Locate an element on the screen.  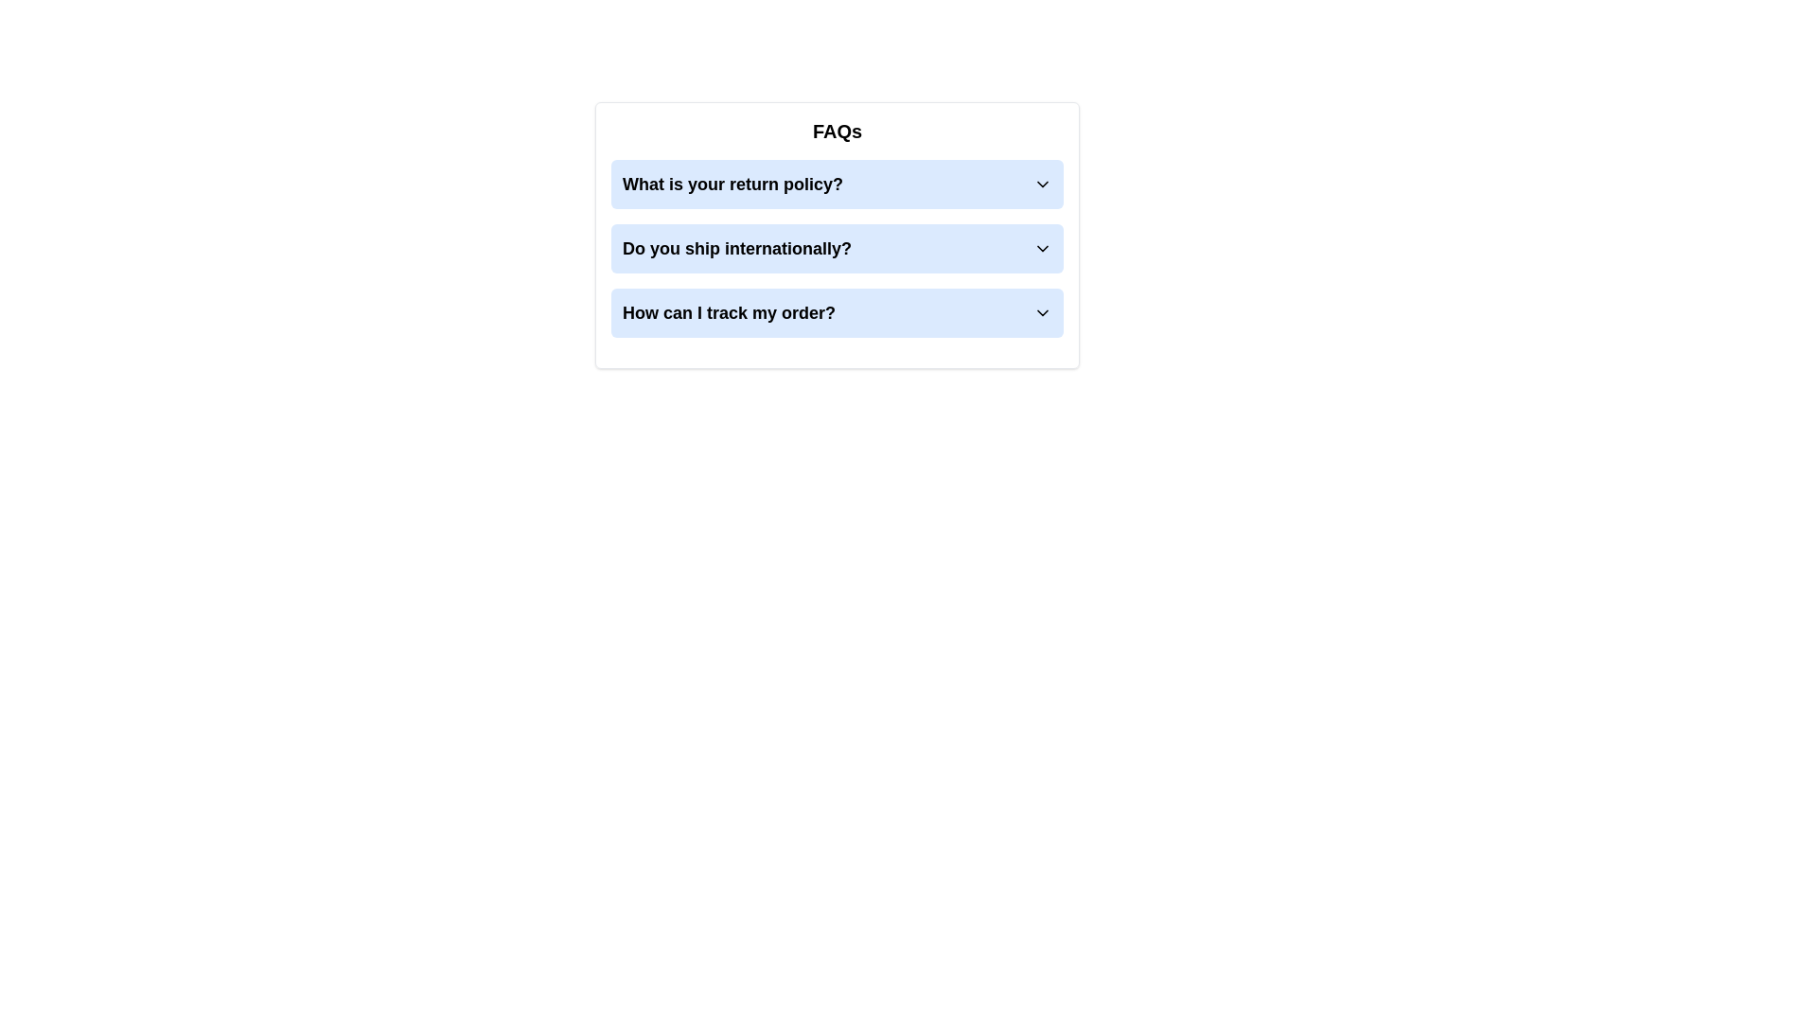
the downward-pointing chevron icon on the right side of the question 'How can I track my order?' is located at coordinates (1042, 312).